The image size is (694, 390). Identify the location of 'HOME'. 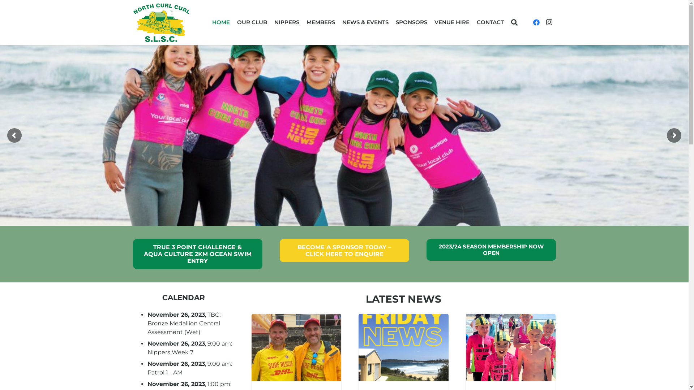
(220, 22).